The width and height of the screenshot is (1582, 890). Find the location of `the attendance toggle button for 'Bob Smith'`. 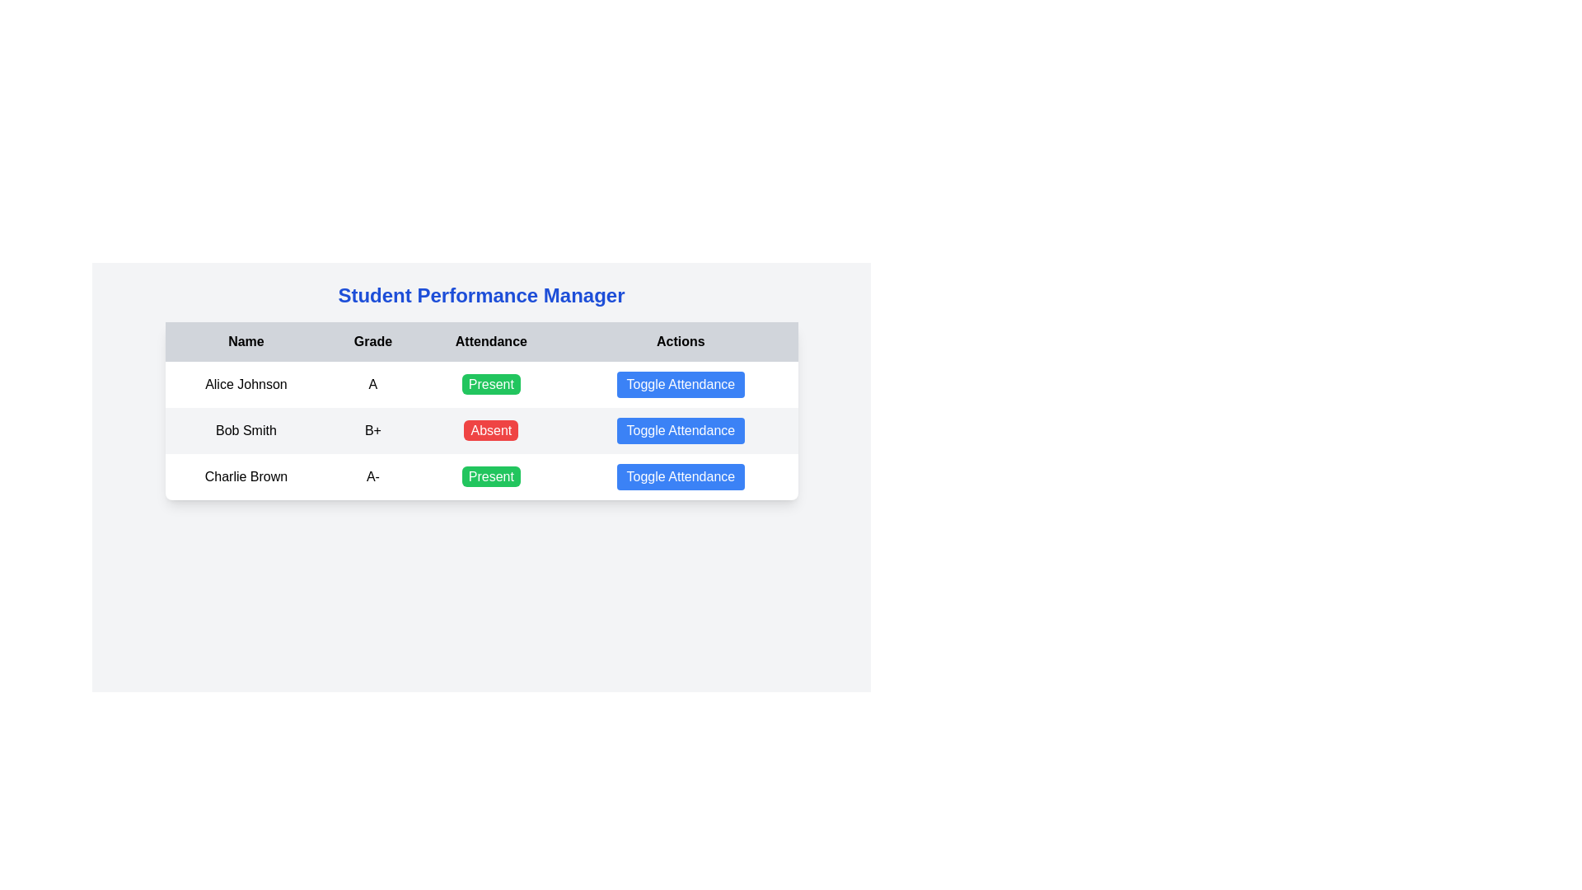

the attendance toggle button for 'Bob Smith' is located at coordinates (681, 430).